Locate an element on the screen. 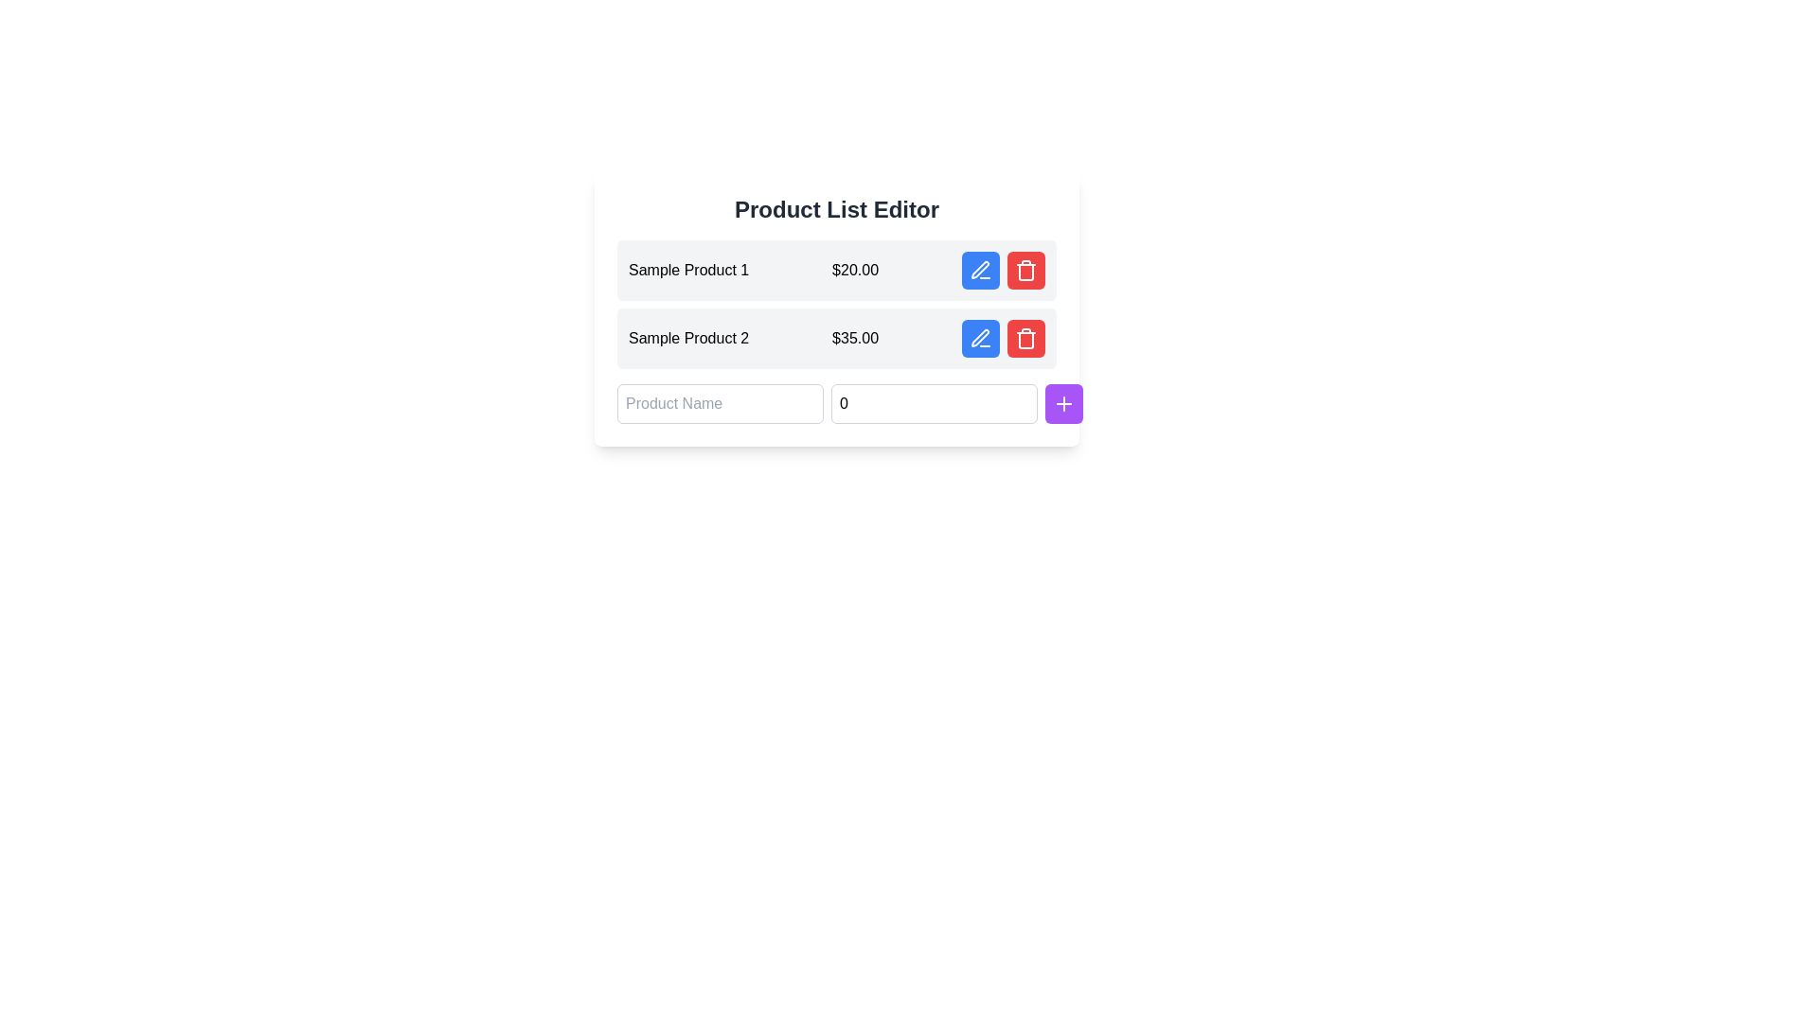 Image resolution: width=1818 pixels, height=1022 pixels. the edit button represented by the pen icon located next to 'Sample Product 2' in the product list table to initiate editing is located at coordinates (980, 337).